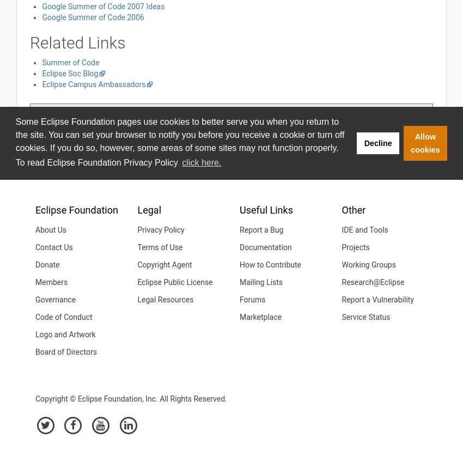  Describe the element at coordinates (174, 282) in the screenshot. I see `'Eclipse Public License'` at that location.